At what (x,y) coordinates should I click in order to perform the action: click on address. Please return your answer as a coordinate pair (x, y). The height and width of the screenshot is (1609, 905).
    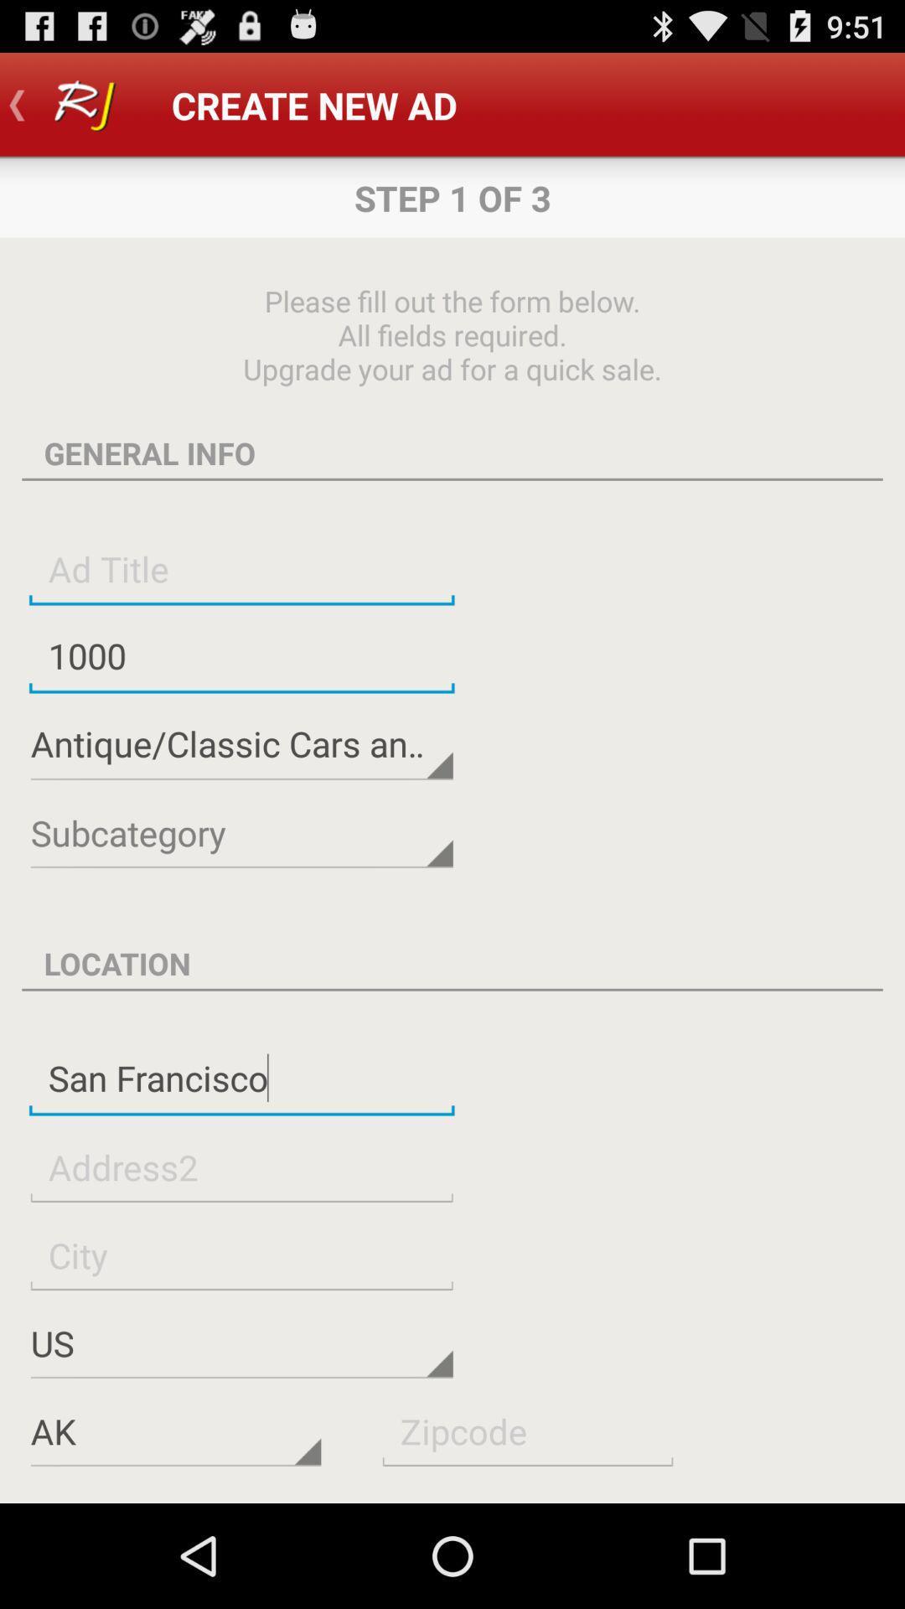
    Looking at the image, I should click on (241, 1166).